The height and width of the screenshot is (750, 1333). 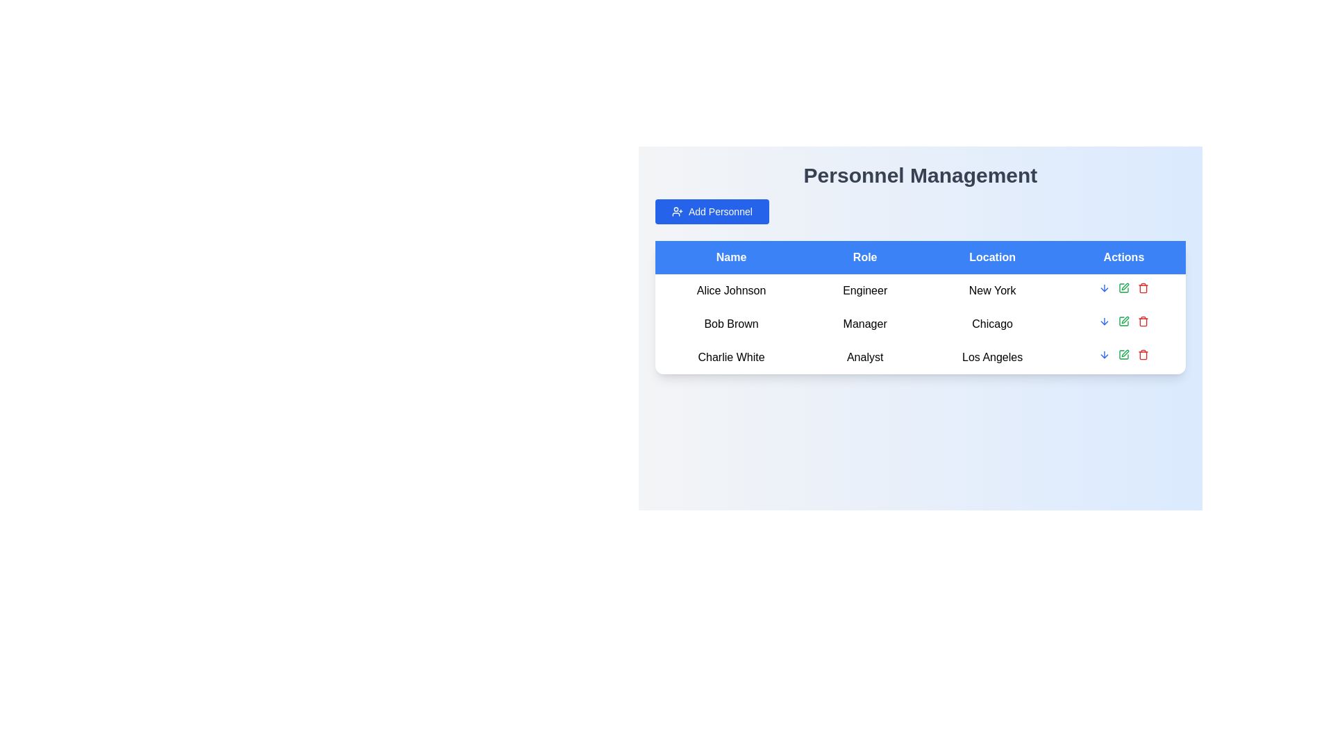 What do you see at coordinates (730, 324) in the screenshot?
I see `the 'Bob Brown' text label in the personnel management table, which is located in the second row and first column under the 'Name' header` at bounding box center [730, 324].